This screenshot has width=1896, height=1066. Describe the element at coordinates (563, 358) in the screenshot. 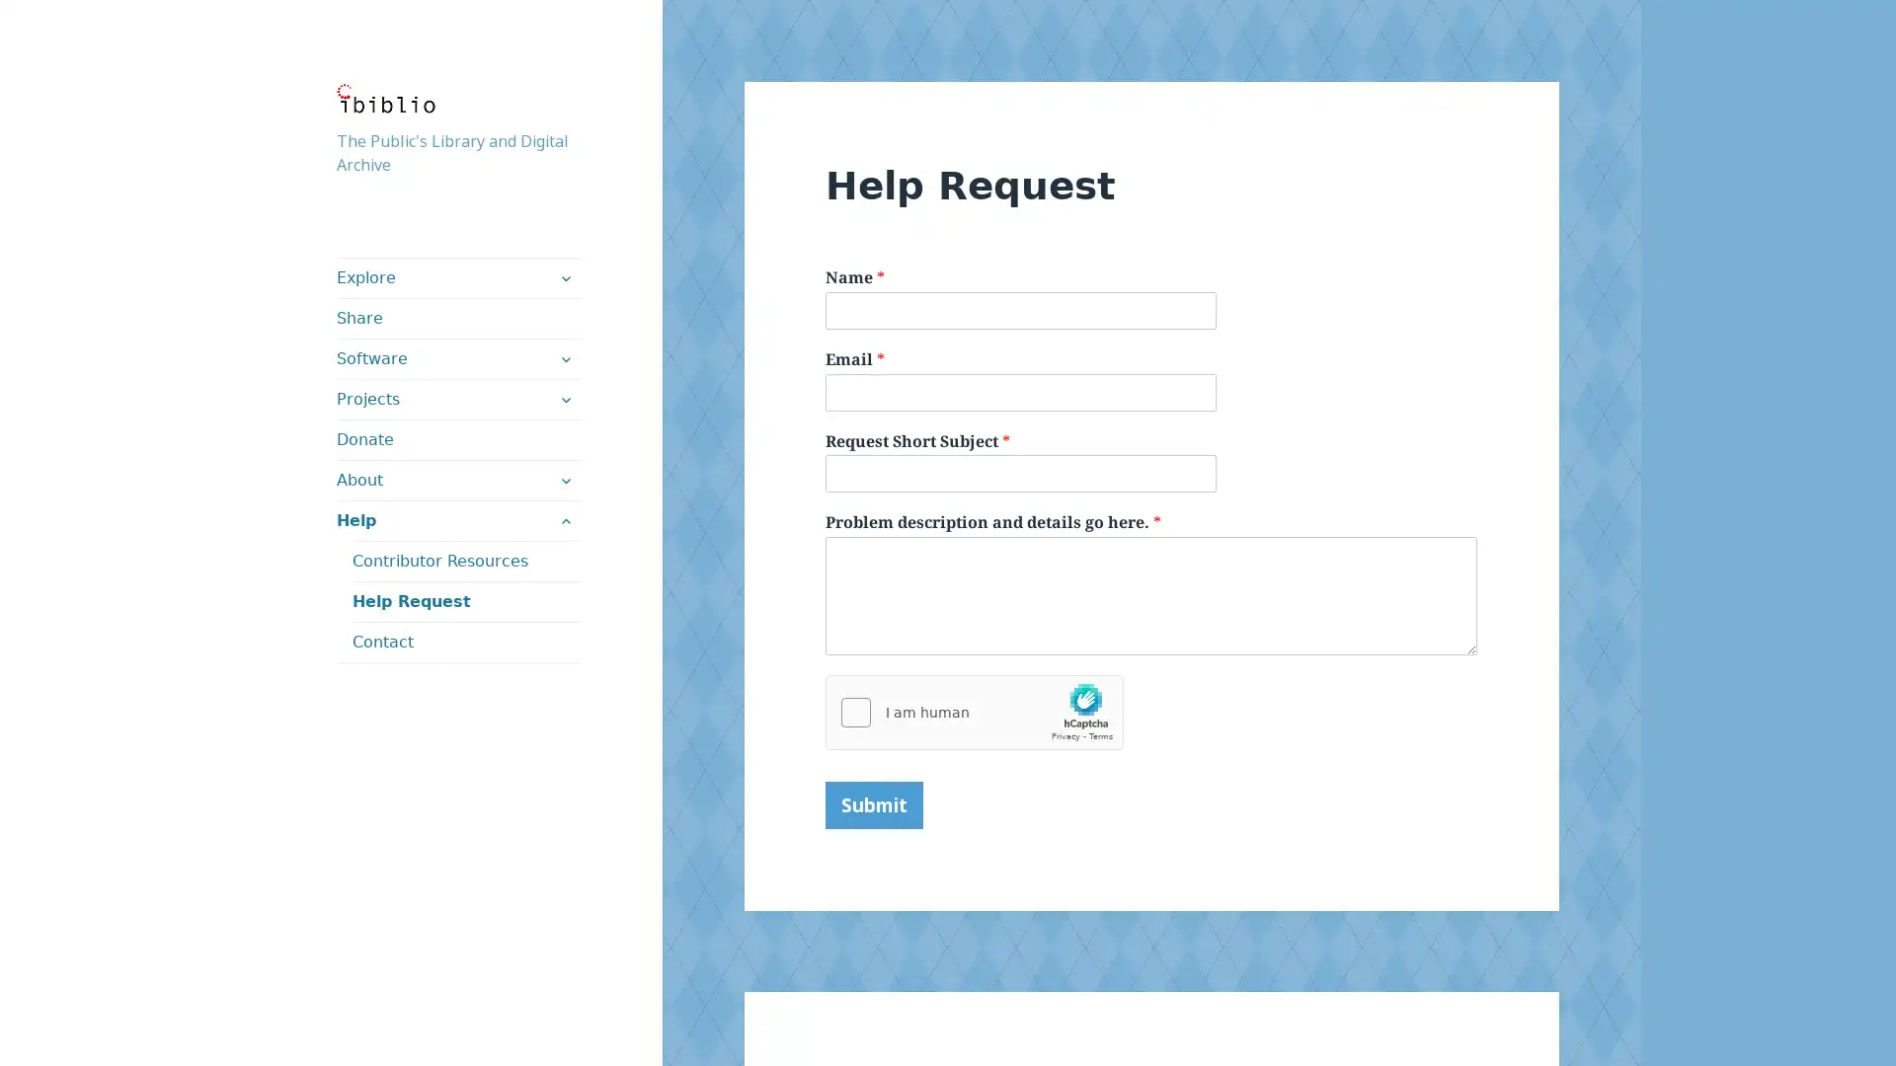

I see `expand child menu` at that location.